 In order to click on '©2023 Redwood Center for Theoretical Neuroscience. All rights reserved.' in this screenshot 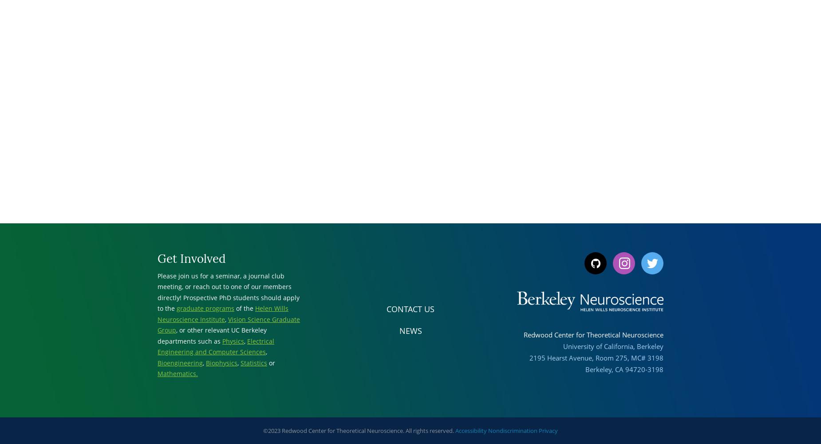, I will do `click(263, 430)`.